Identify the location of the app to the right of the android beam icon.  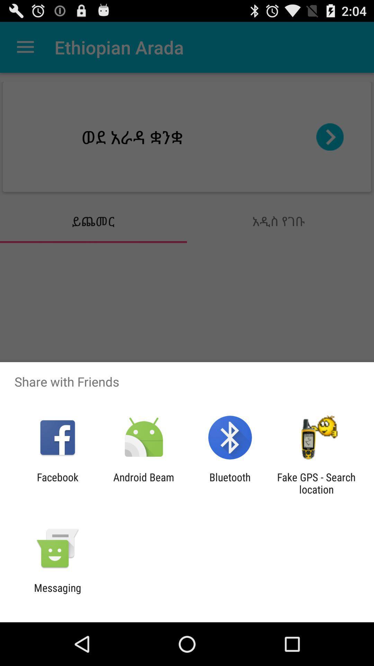
(230, 483).